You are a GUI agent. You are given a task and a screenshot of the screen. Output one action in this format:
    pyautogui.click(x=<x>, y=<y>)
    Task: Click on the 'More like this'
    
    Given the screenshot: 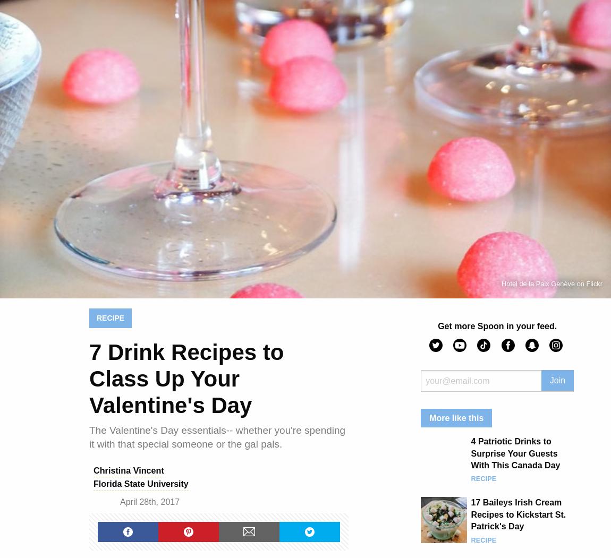 What is the action you would take?
    pyautogui.click(x=456, y=417)
    